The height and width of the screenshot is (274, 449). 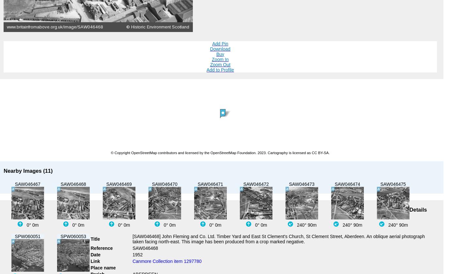 I want to click on 'Add Pin', so click(x=220, y=43).